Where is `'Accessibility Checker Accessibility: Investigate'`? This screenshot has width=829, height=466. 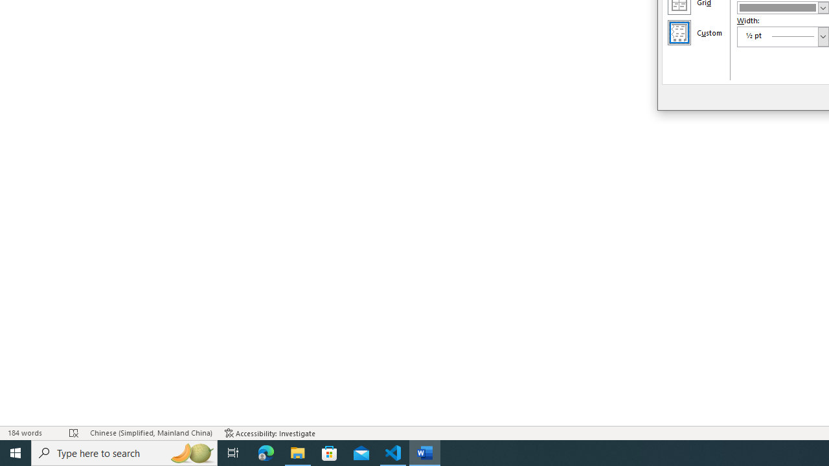 'Accessibility Checker Accessibility: Investigate' is located at coordinates (269, 433).